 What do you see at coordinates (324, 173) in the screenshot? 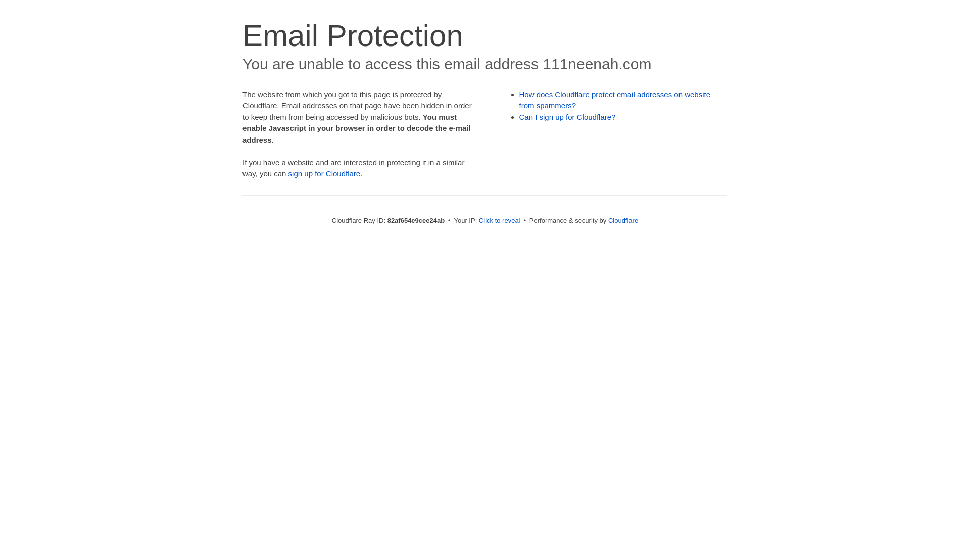
I see `'sign up for Cloudflare'` at bounding box center [324, 173].